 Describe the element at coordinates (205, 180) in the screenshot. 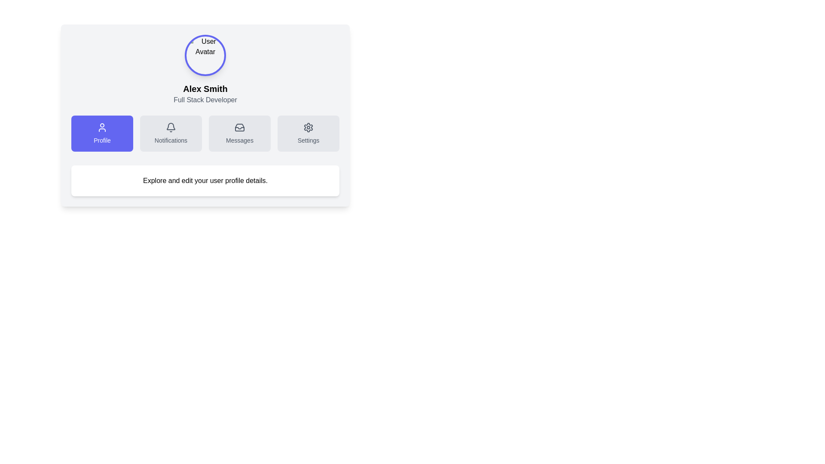

I see `the static text label that reads 'Explore and edit your user profile details.' which is located at the lower section of a white, rounded, shadowed card, centered horizontally within the card` at that location.